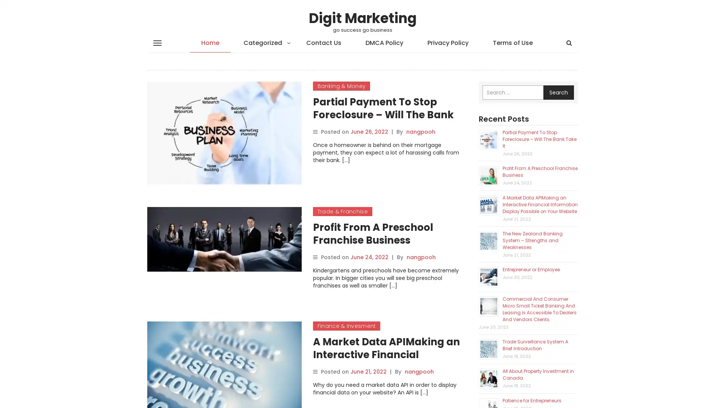 The height and width of the screenshot is (408, 725). I want to click on Search, so click(558, 92).